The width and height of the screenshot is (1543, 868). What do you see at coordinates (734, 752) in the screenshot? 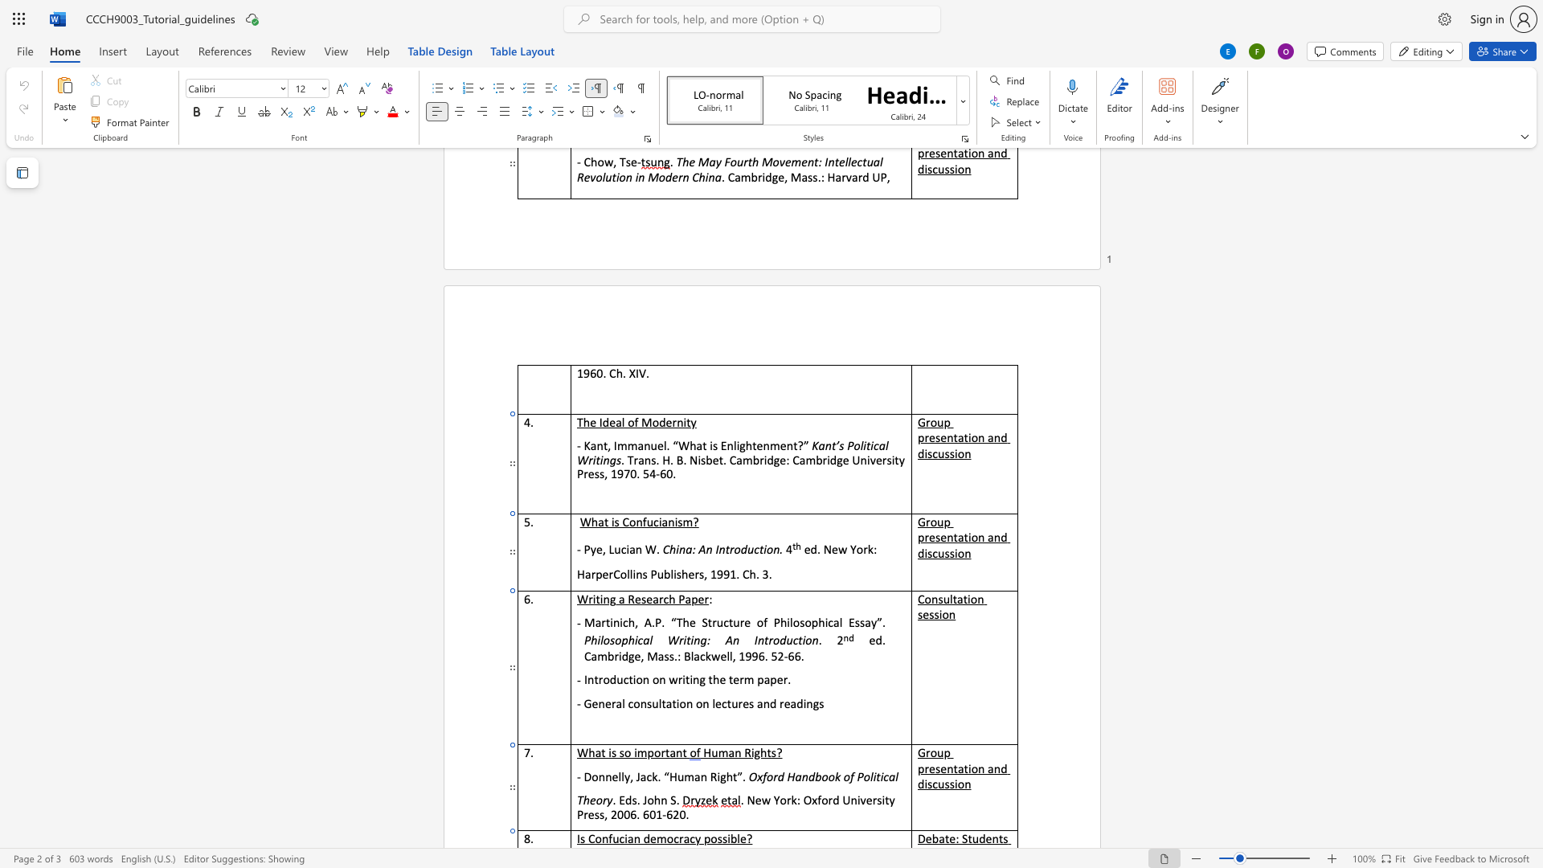
I see `the space between the continuous character "a" and "n" in the text` at bounding box center [734, 752].